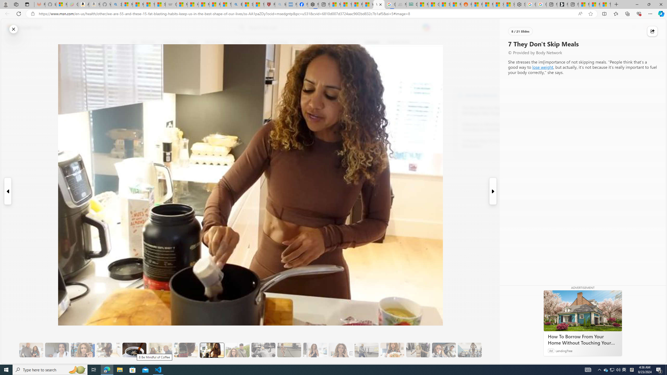 This screenshot has height=375, width=667. I want to click on 'Share this story', so click(652, 31).